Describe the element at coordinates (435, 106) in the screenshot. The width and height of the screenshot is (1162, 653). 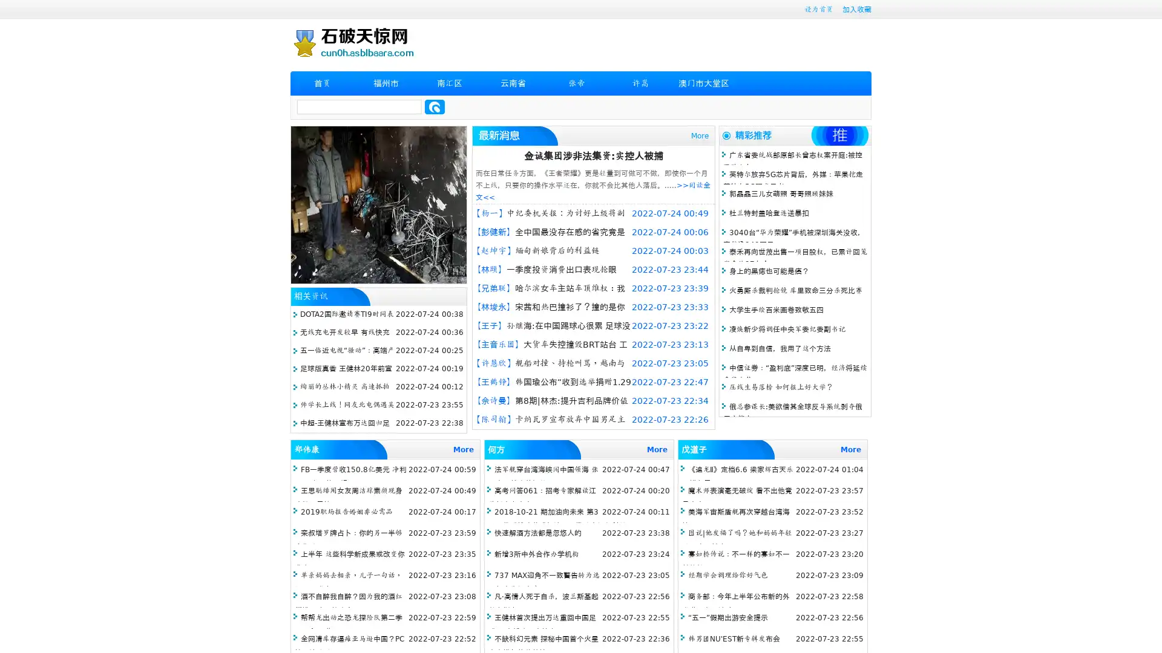
I see `Search` at that location.